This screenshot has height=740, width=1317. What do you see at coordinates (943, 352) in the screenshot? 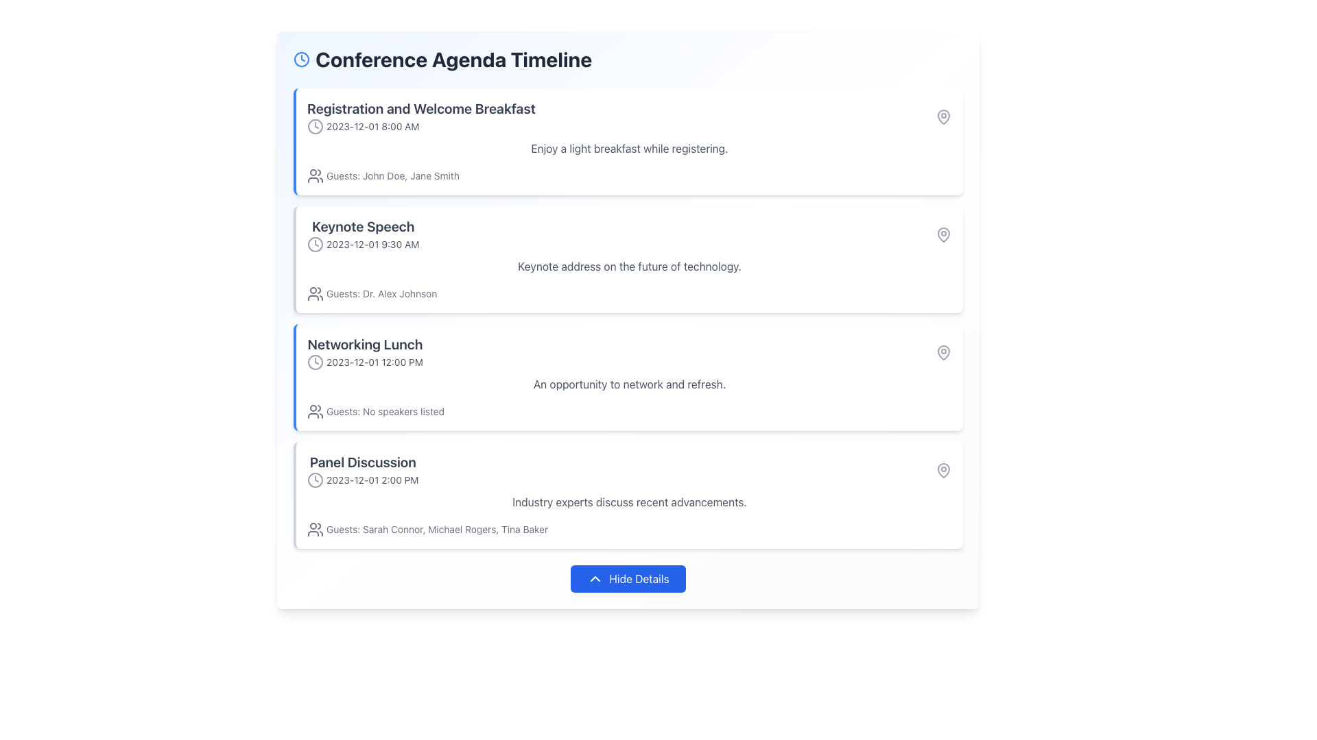
I see `the visual location marker icon for the 'Networking Lunch' session` at bounding box center [943, 352].